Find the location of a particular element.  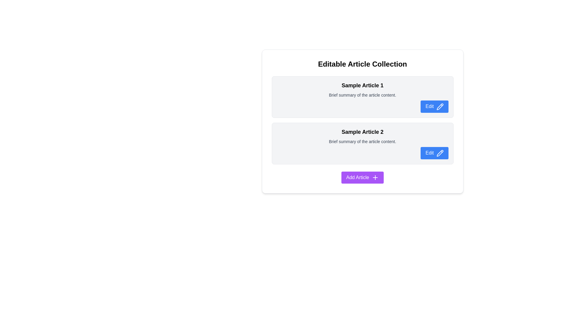

the title of the first article in the list, which serves as the main header for the content is located at coordinates (362, 85).